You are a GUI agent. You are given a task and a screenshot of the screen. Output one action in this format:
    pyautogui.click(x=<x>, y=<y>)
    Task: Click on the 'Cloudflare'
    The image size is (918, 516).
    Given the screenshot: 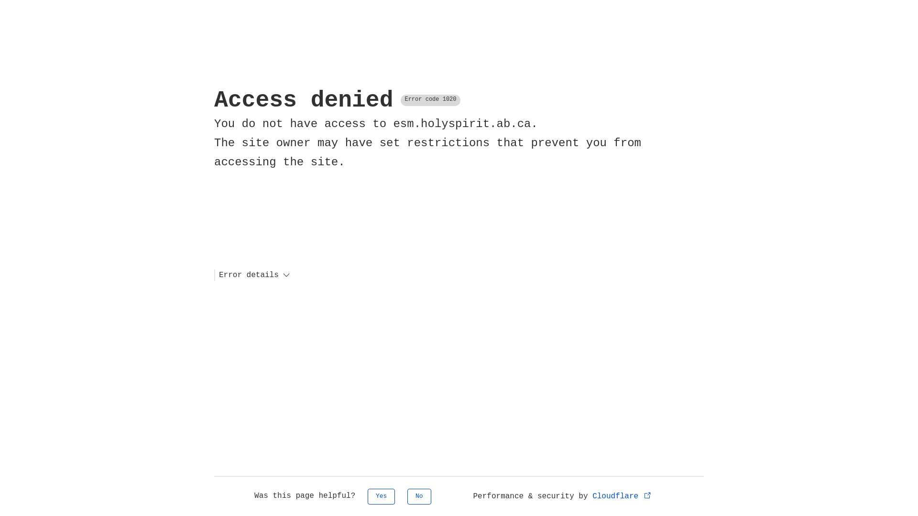 What is the action you would take?
    pyautogui.click(x=622, y=495)
    